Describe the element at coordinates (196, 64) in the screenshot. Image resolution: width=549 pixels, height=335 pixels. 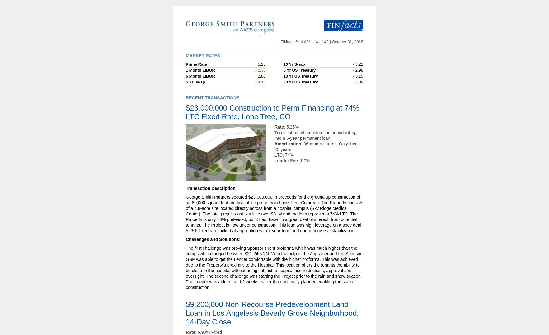
I see `'Prime Rate'` at that location.